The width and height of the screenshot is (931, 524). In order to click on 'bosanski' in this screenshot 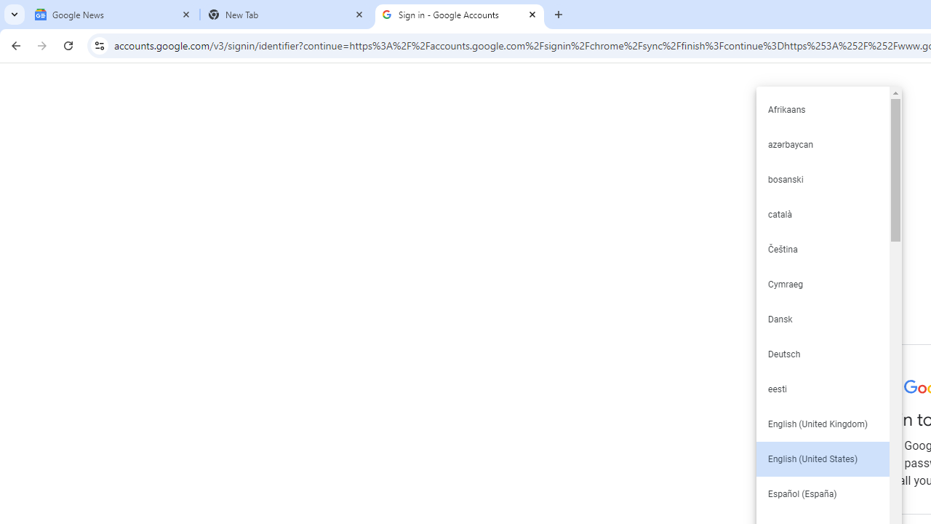, I will do `click(822, 178)`.